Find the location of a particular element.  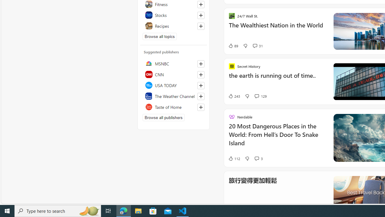

'View comments 129 Comment' is located at coordinates (260, 96).